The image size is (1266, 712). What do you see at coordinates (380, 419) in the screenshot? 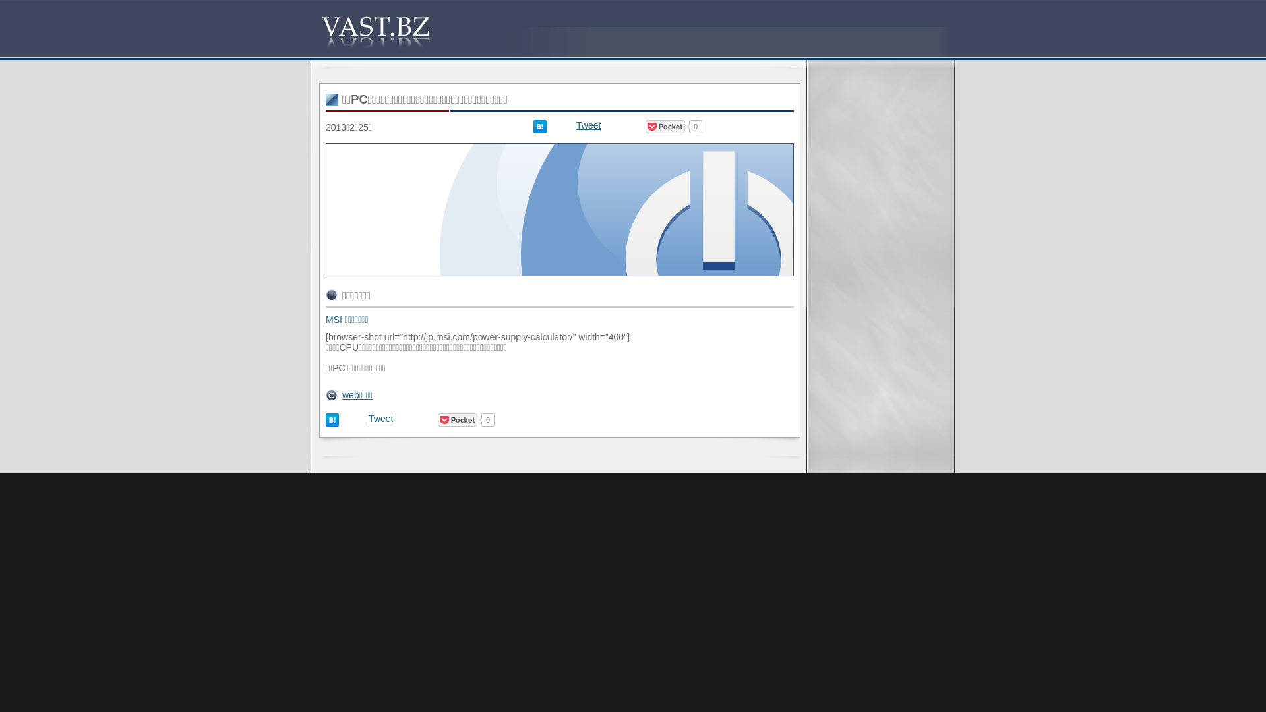
I see `'Tweet'` at bounding box center [380, 419].